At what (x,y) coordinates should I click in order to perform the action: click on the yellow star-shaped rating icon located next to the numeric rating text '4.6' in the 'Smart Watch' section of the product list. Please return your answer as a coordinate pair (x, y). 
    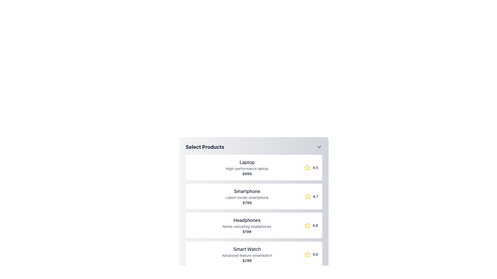
    Looking at the image, I should click on (307, 254).